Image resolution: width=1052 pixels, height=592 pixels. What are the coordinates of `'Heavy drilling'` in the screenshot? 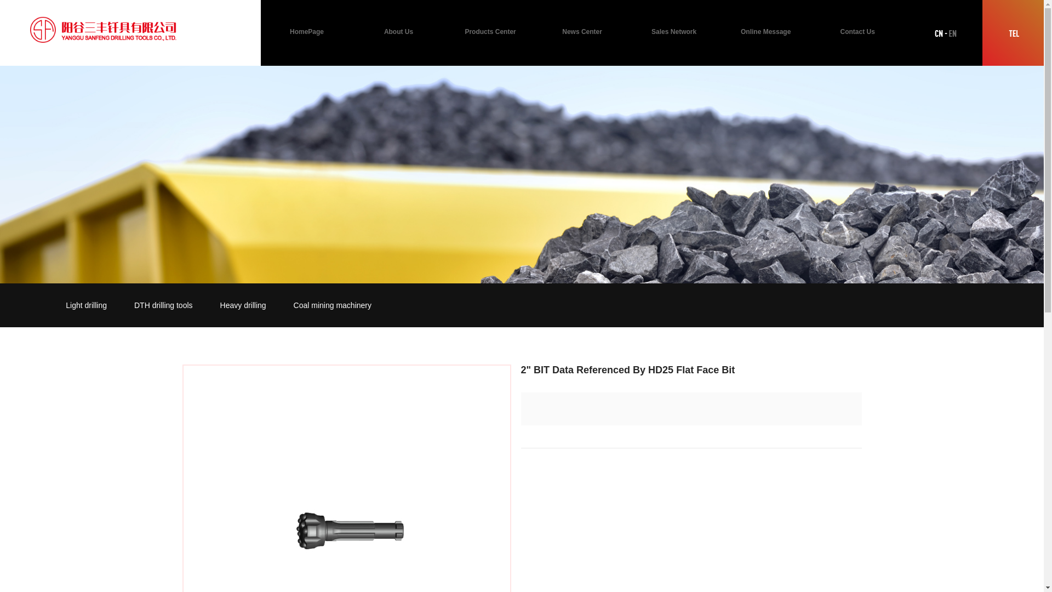 It's located at (243, 305).